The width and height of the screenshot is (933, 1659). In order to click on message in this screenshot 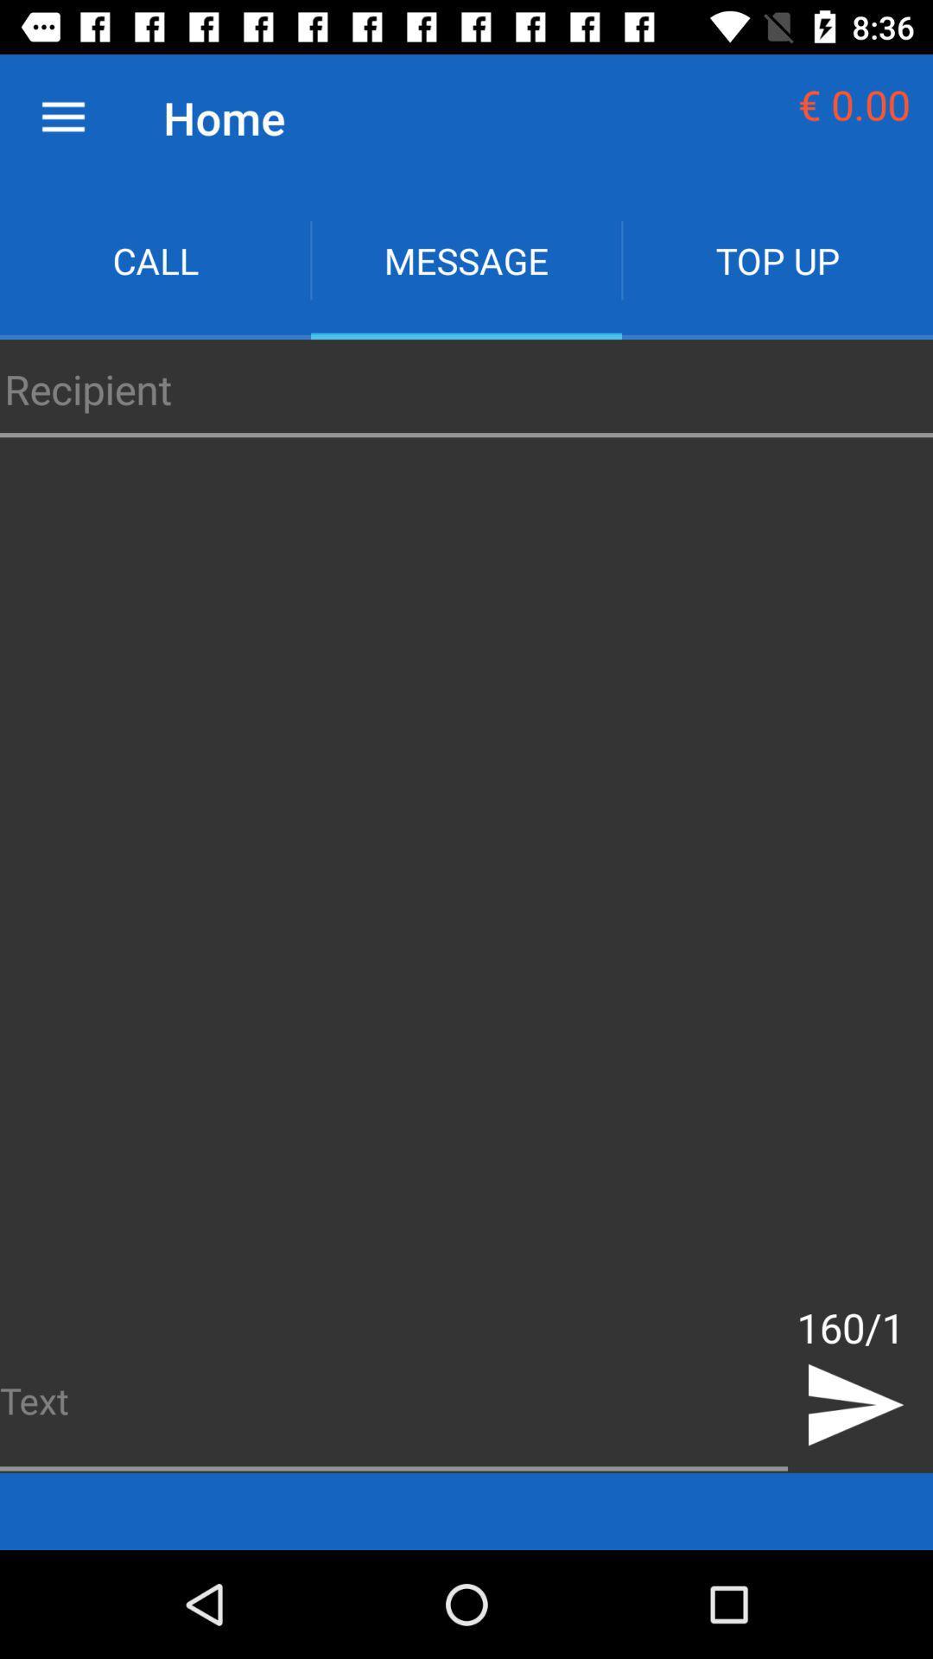, I will do `click(466, 259)`.